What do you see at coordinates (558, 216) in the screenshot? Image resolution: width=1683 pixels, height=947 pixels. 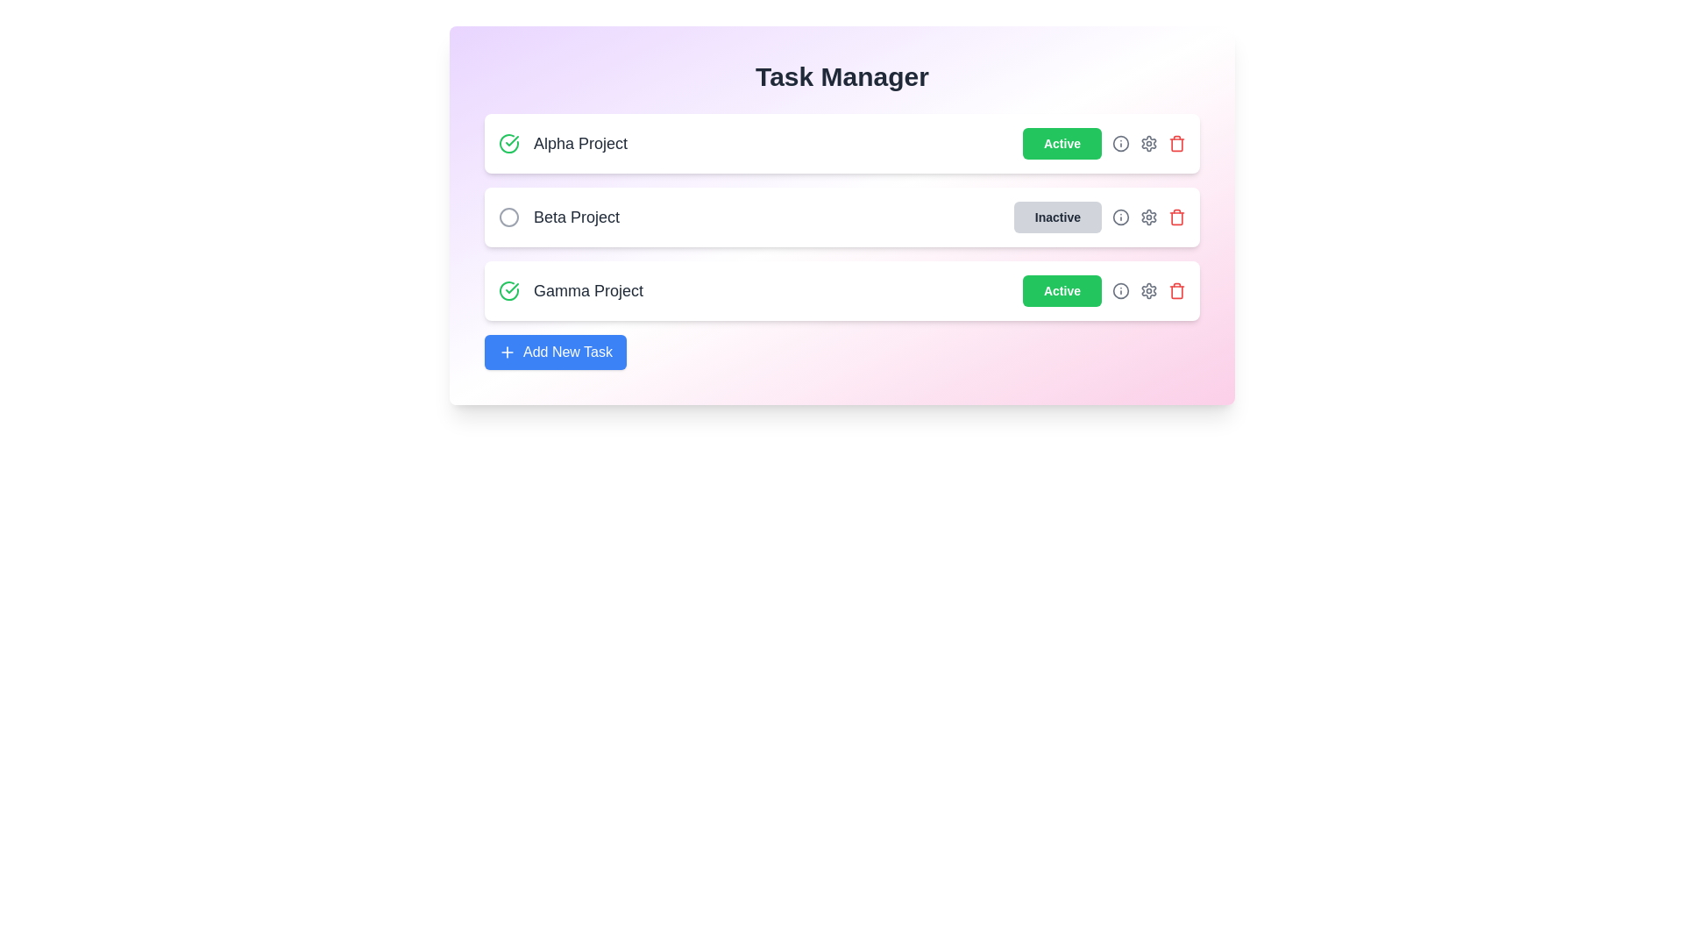 I see `the project name Beta Project to interact with it` at bounding box center [558, 216].